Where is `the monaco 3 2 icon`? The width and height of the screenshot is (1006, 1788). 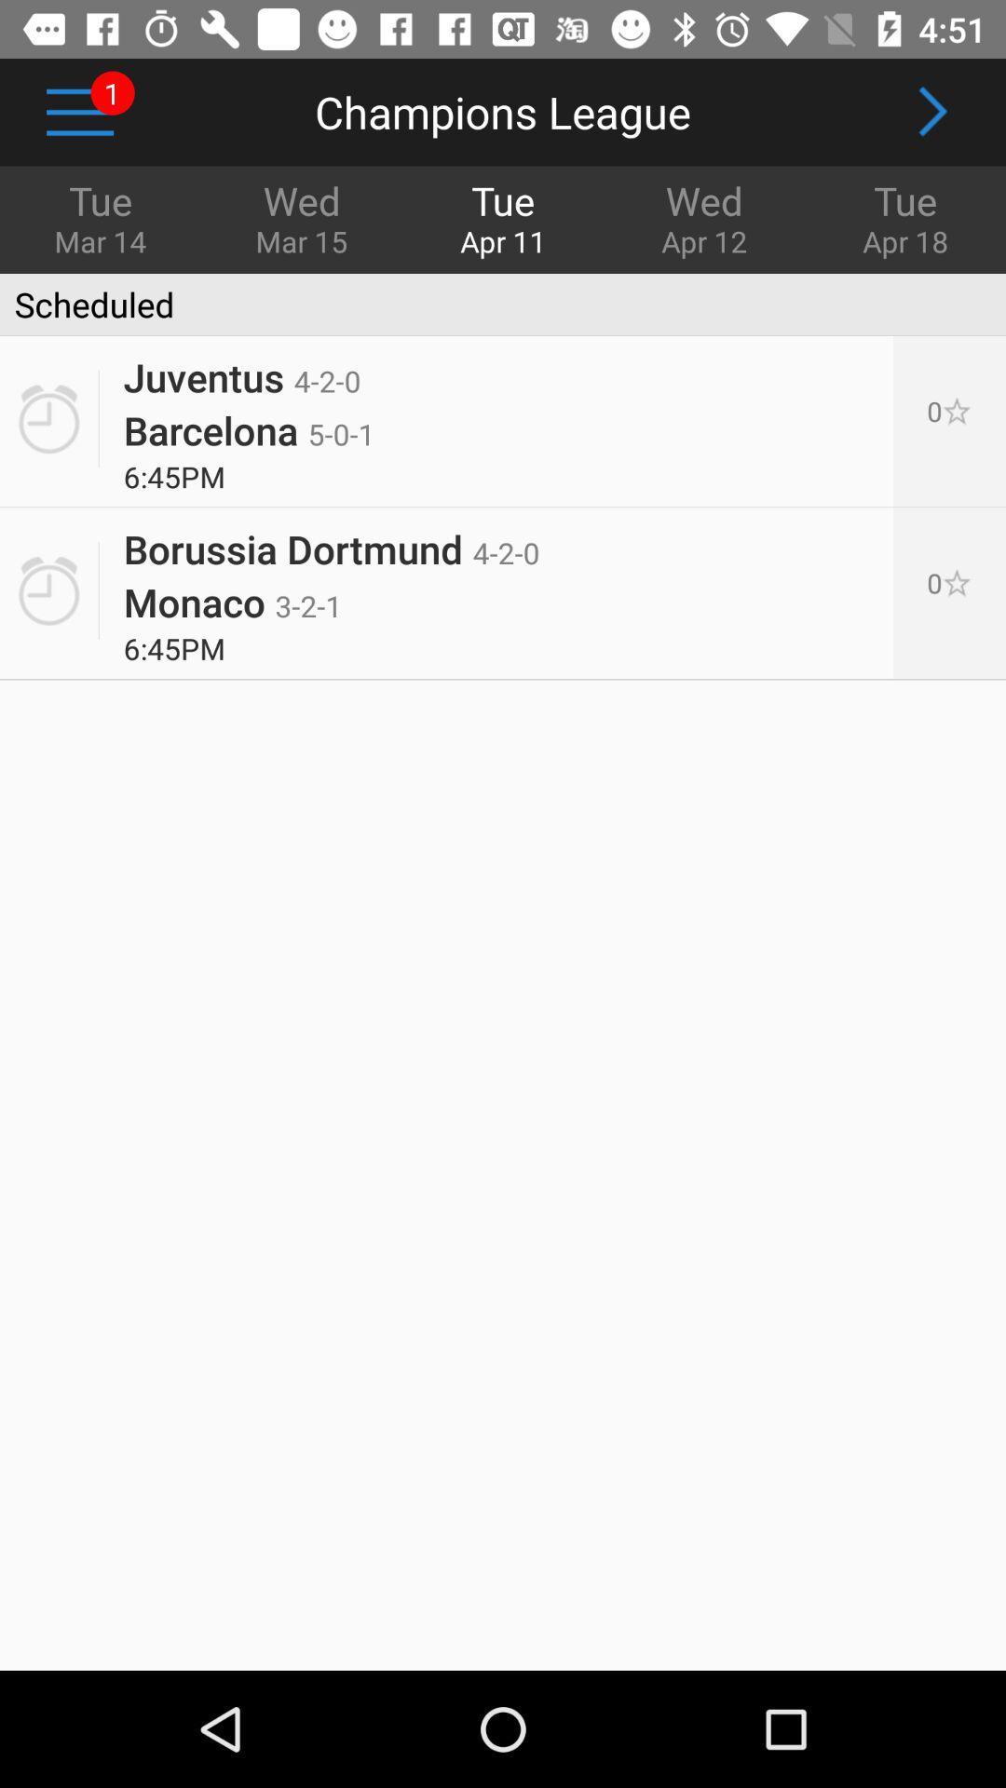 the monaco 3 2 icon is located at coordinates (232, 602).